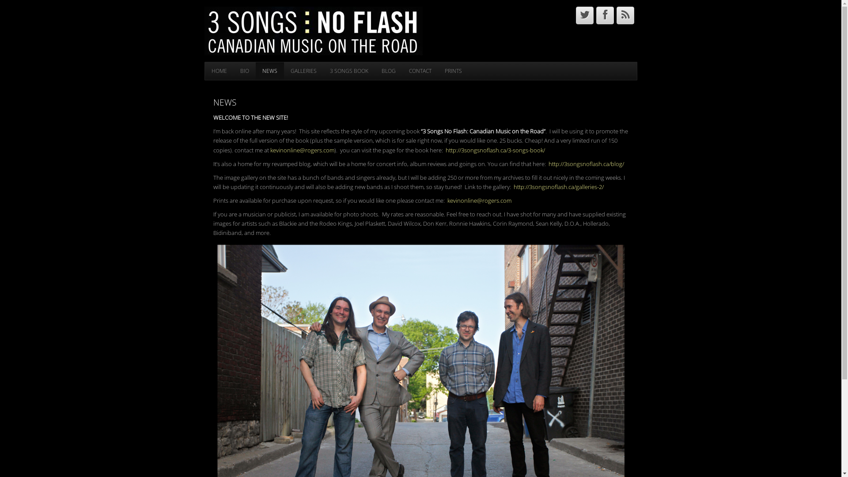 The height and width of the screenshot is (477, 848). What do you see at coordinates (219, 71) in the screenshot?
I see `'HOME'` at bounding box center [219, 71].